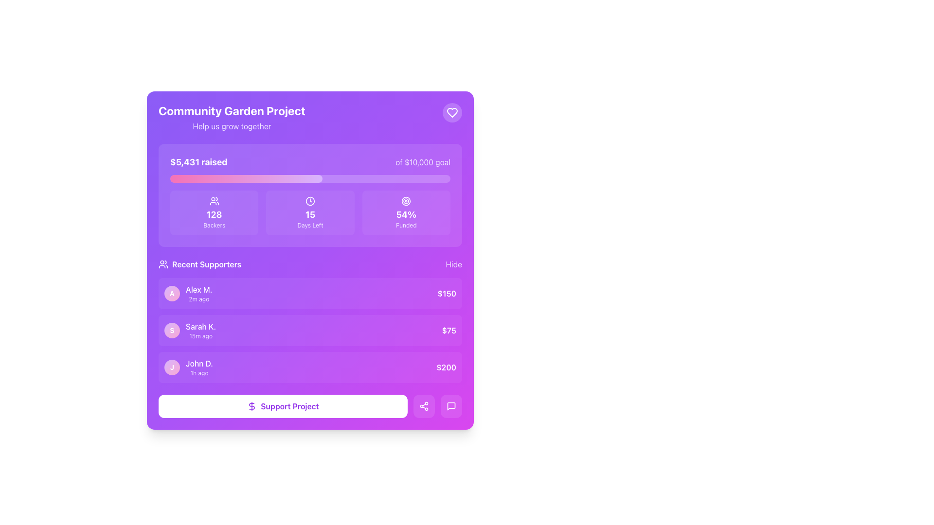 This screenshot has width=934, height=525. I want to click on the first item entry labeled 'Alex M.' in the 'Recent Supporters' list, so click(310, 293).